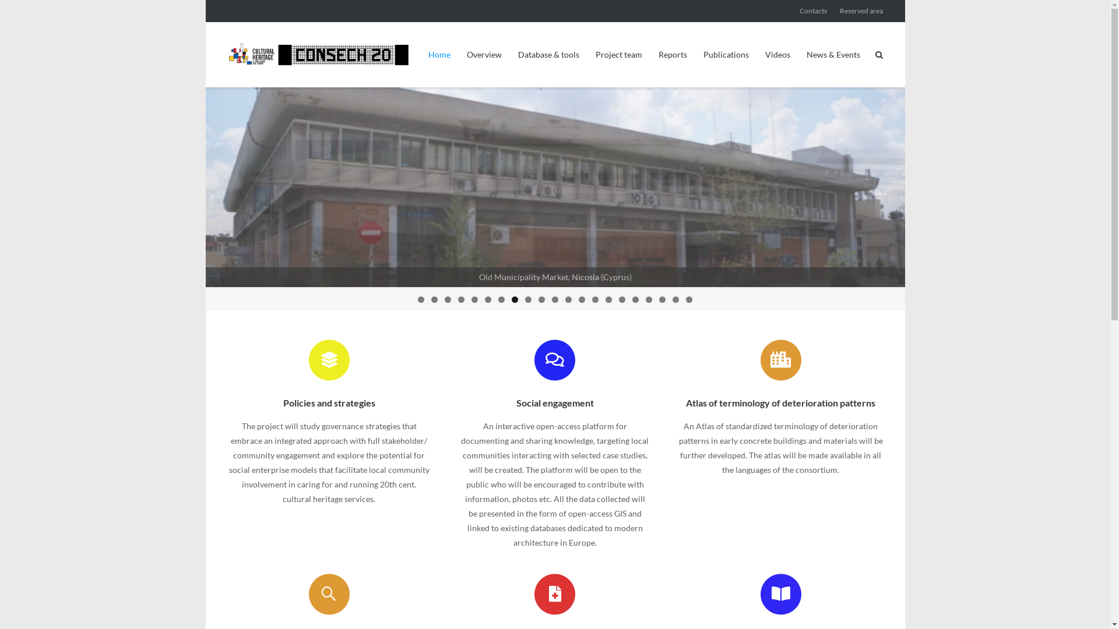 This screenshot has width=1119, height=629. What do you see at coordinates (517, 54) in the screenshot?
I see `'Database & tools'` at bounding box center [517, 54].